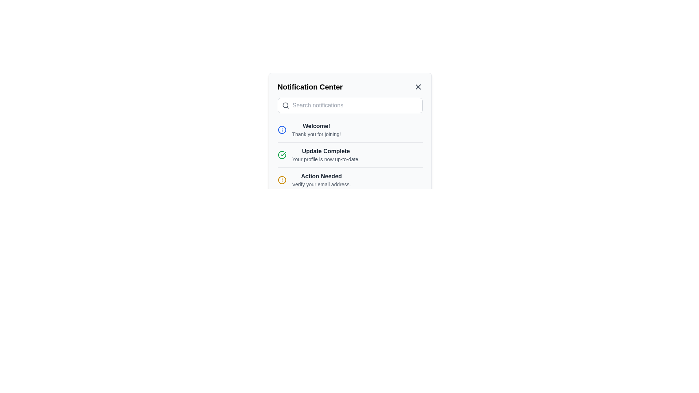 The width and height of the screenshot is (699, 393). Describe the element at coordinates (310, 87) in the screenshot. I see `the bold, large-sized text displaying 'Notification Center' at the top of the notification panel` at that location.